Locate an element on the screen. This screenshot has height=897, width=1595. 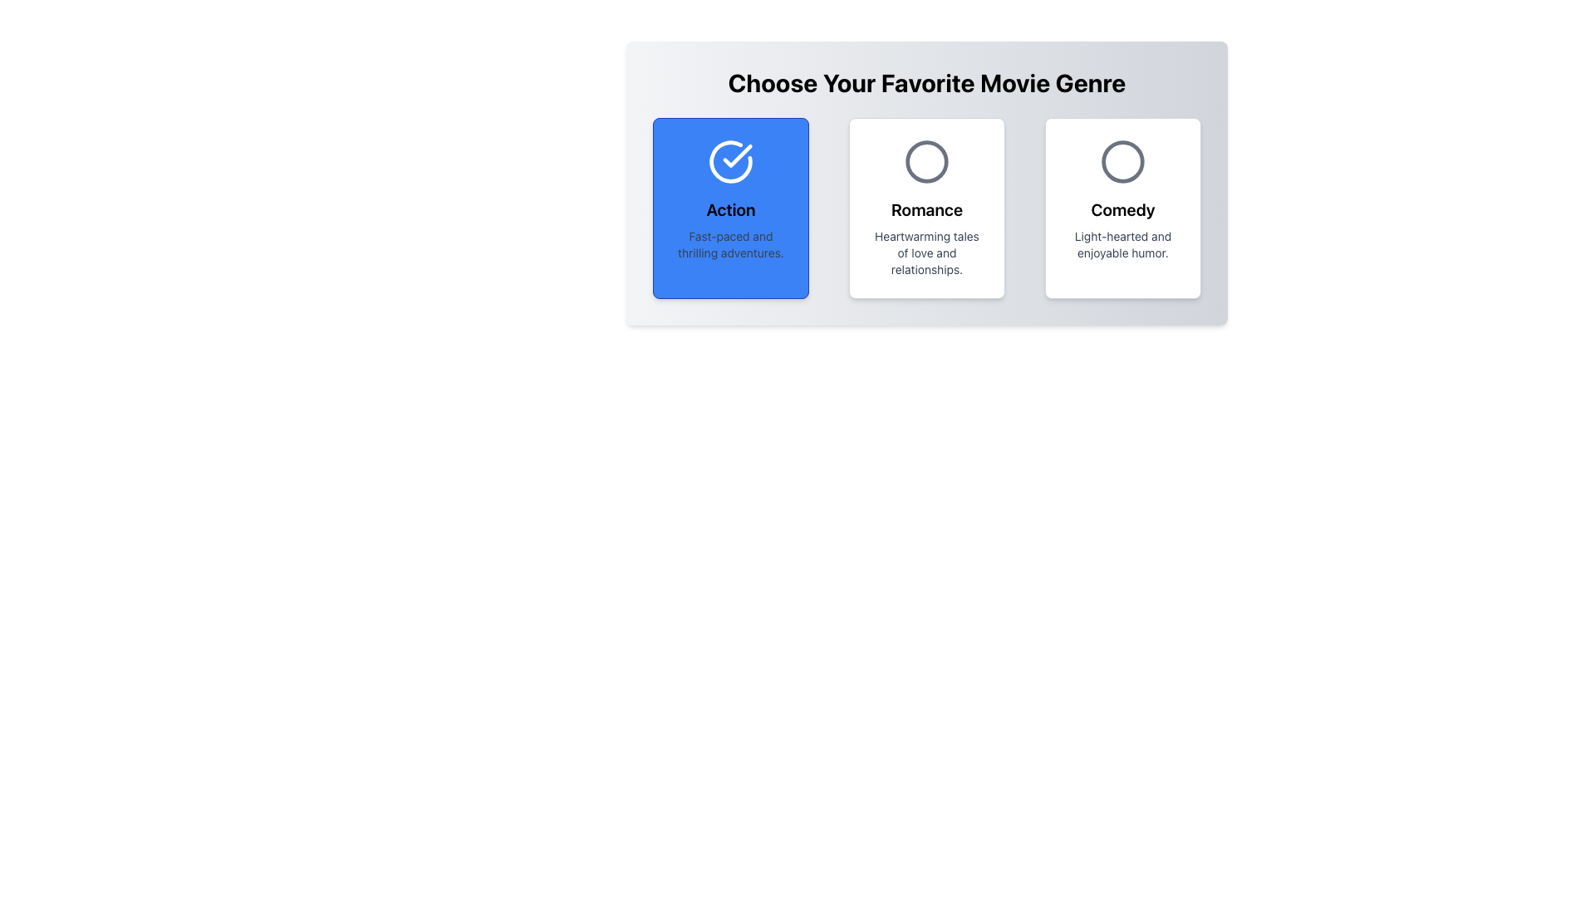
descriptive subtitle text located within the 'Comedy' card, which is positioned directly below the title 'Comedy' is located at coordinates (1123, 244).